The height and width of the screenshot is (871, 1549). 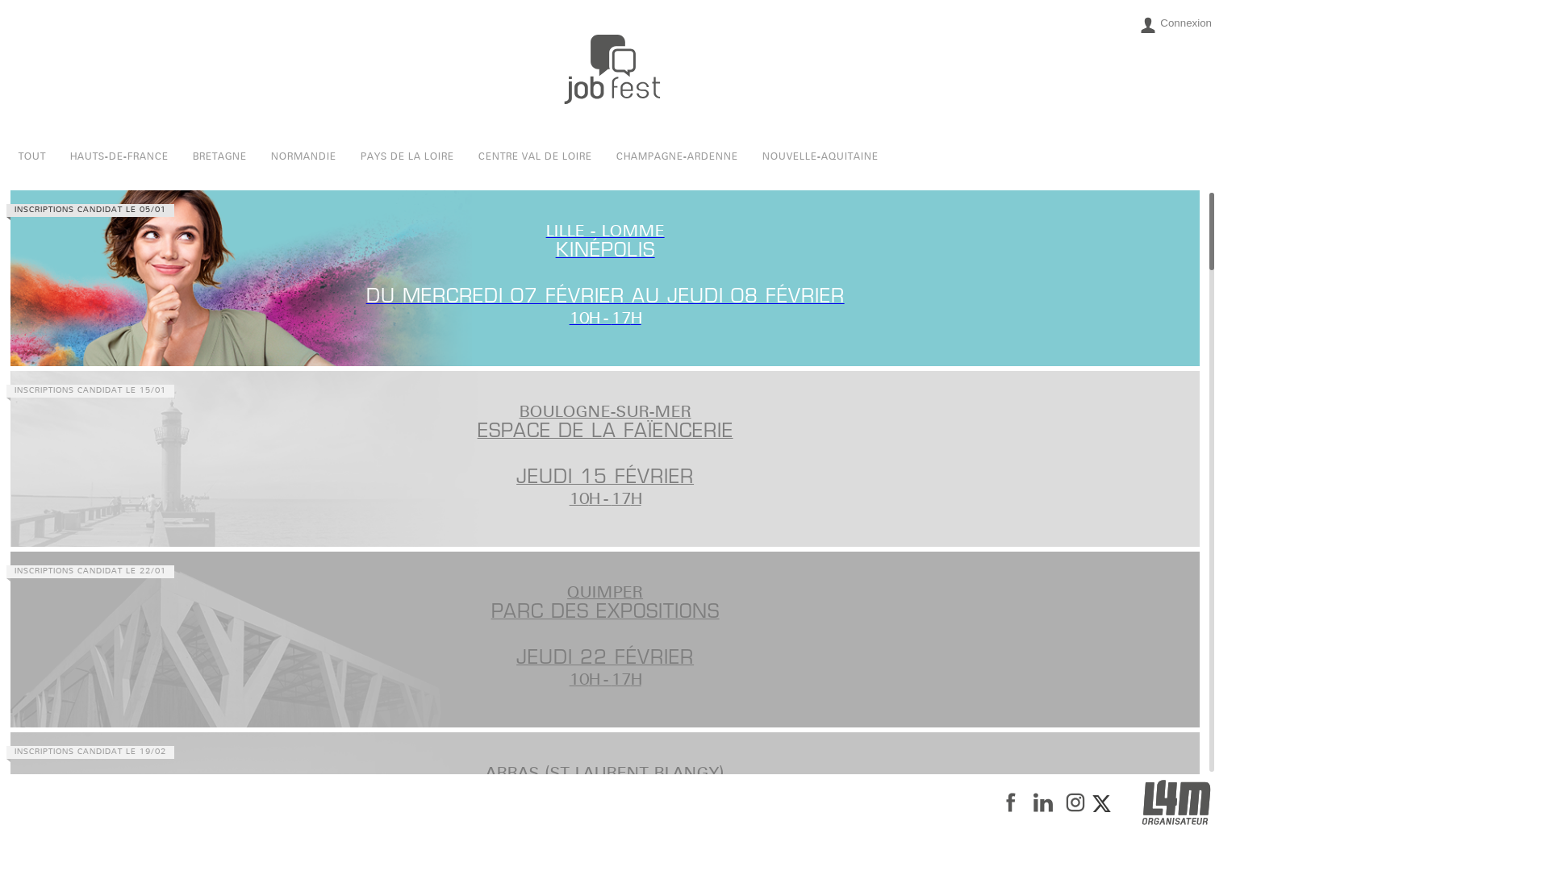 What do you see at coordinates (1175, 24) in the screenshot?
I see `'Connexion'` at bounding box center [1175, 24].